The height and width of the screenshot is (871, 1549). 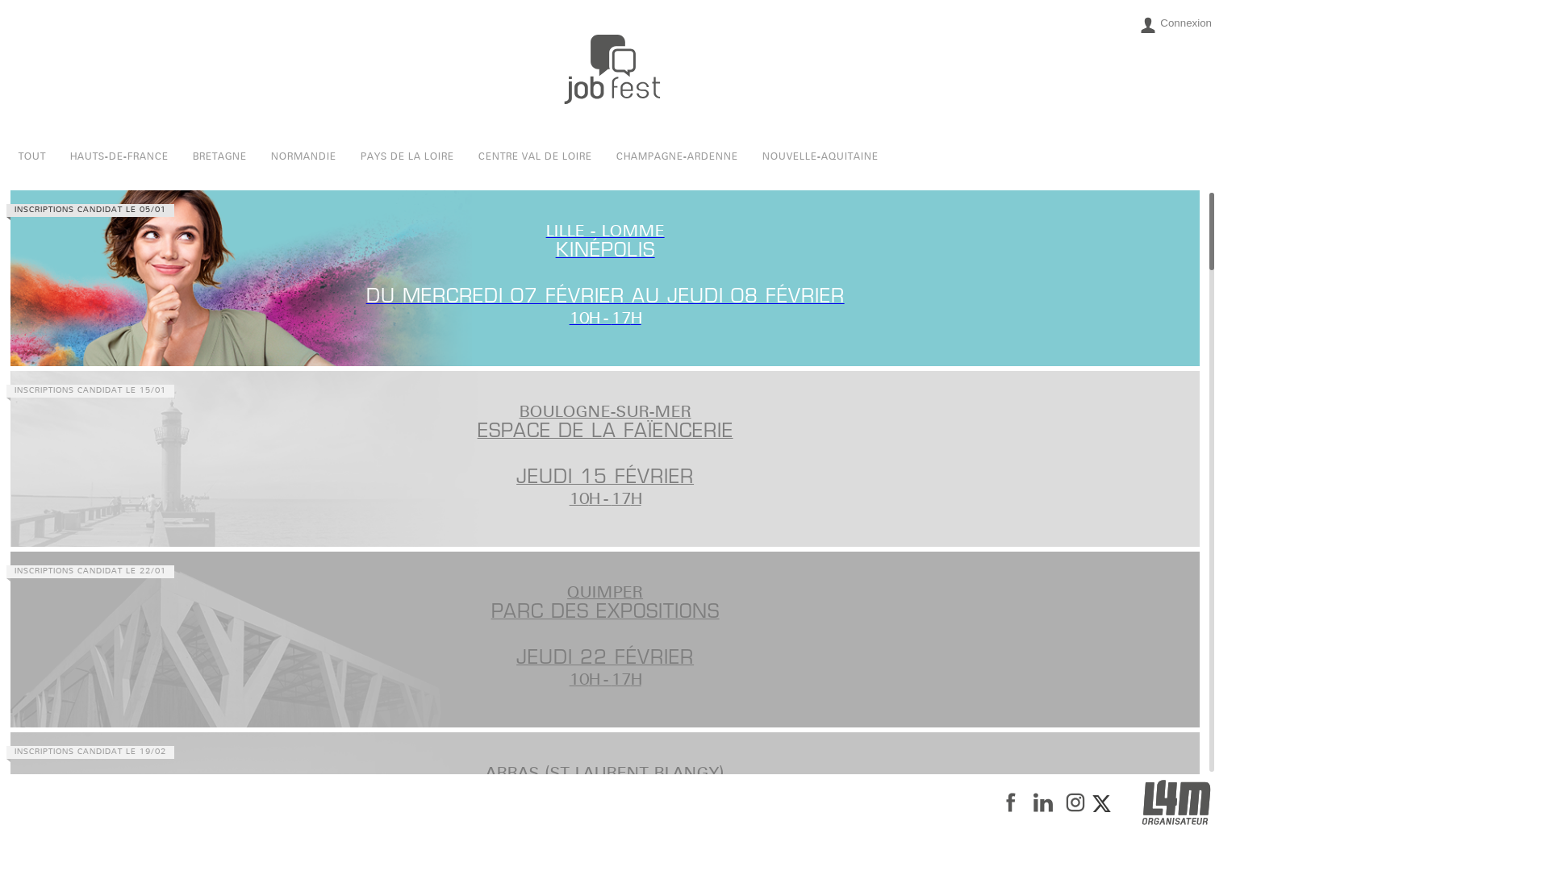 What do you see at coordinates (1175, 24) in the screenshot?
I see `'Connexion'` at bounding box center [1175, 24].